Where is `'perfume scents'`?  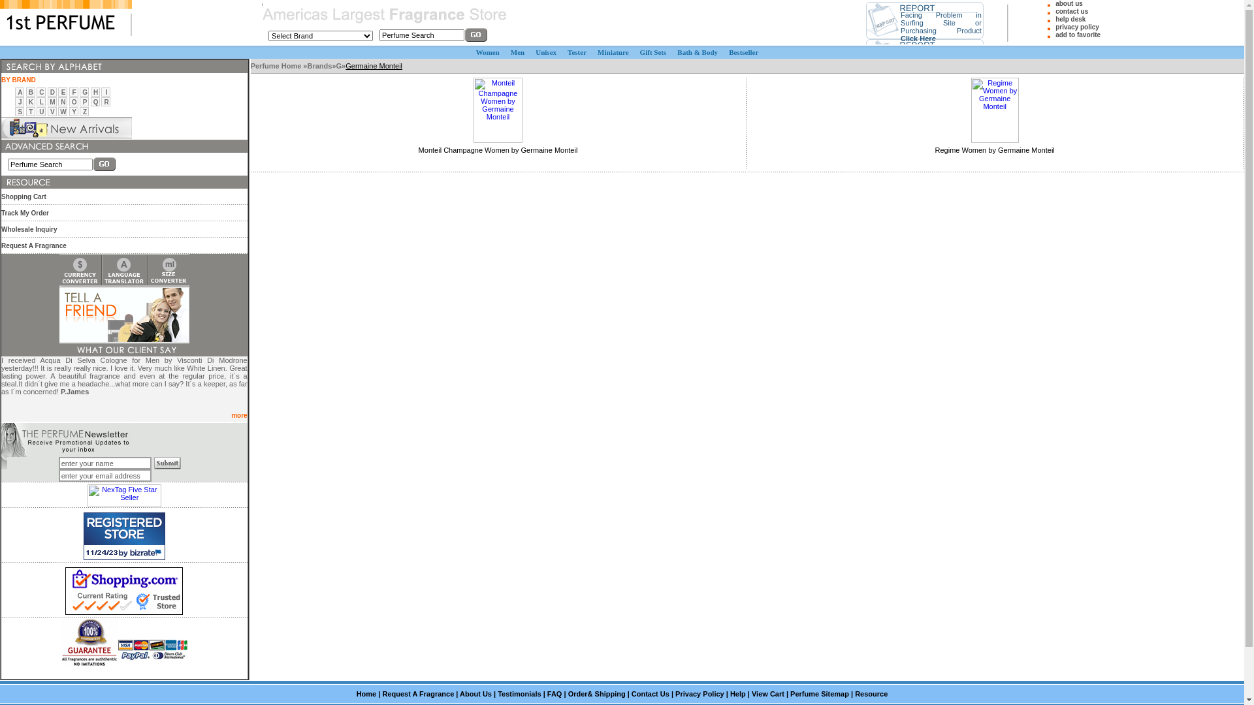 'perfume scents' is located at coordinates (152, 456).